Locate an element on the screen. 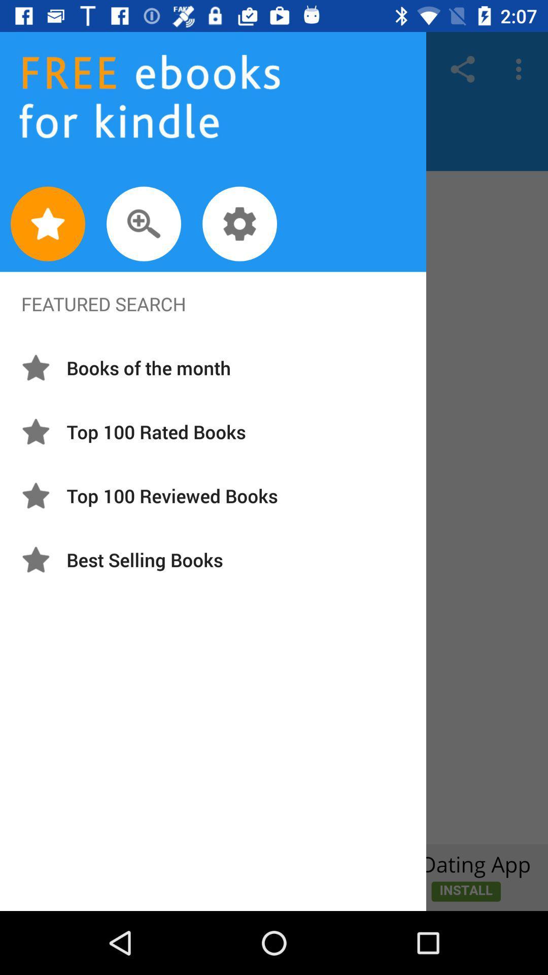  the more icon is located at coordinates (521, 69).